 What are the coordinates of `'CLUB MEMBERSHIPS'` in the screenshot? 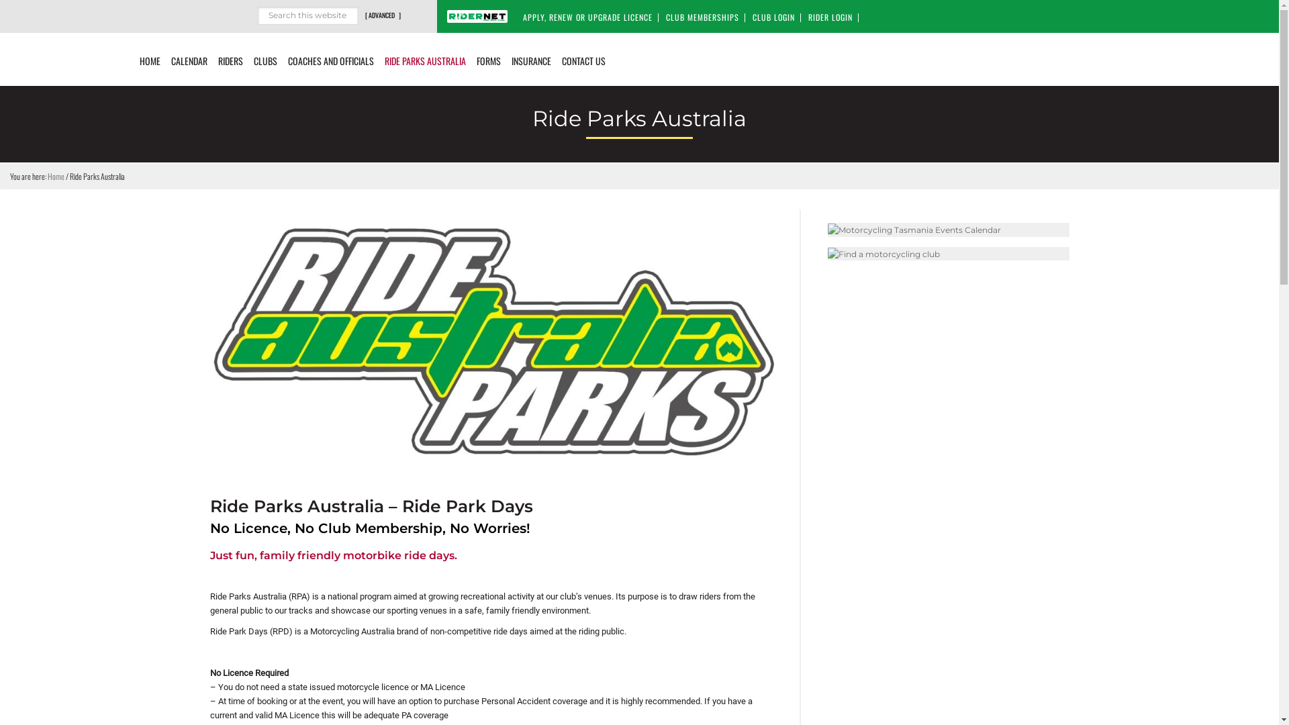 It's located at (702, 17).